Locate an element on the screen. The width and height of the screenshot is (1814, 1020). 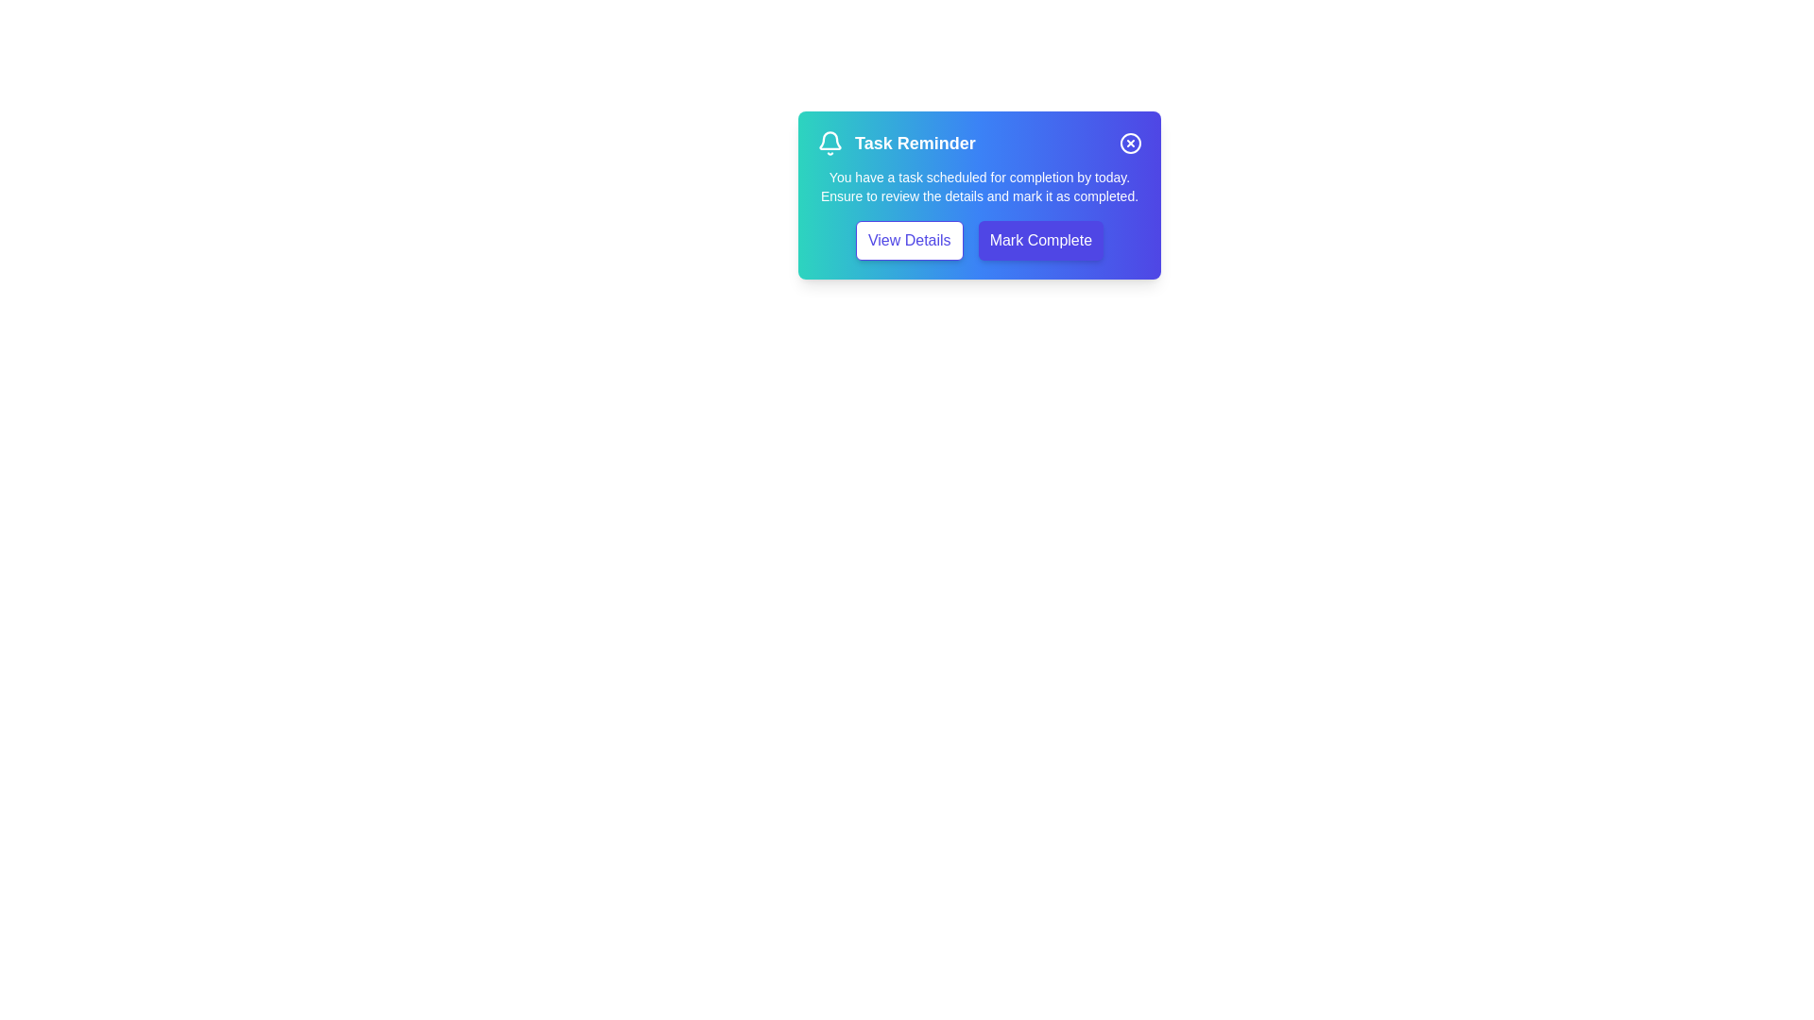
the 'Mark Complete' button to mark the task as complete is located at coordinates (1038, 239).